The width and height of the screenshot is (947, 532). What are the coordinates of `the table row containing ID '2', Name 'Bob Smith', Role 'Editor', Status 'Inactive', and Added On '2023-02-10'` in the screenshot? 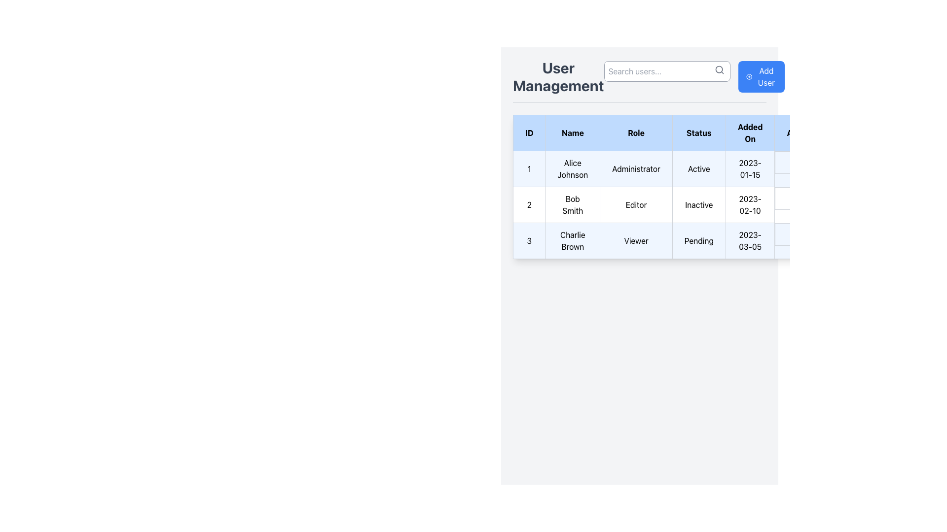 It's located at (670, 204).